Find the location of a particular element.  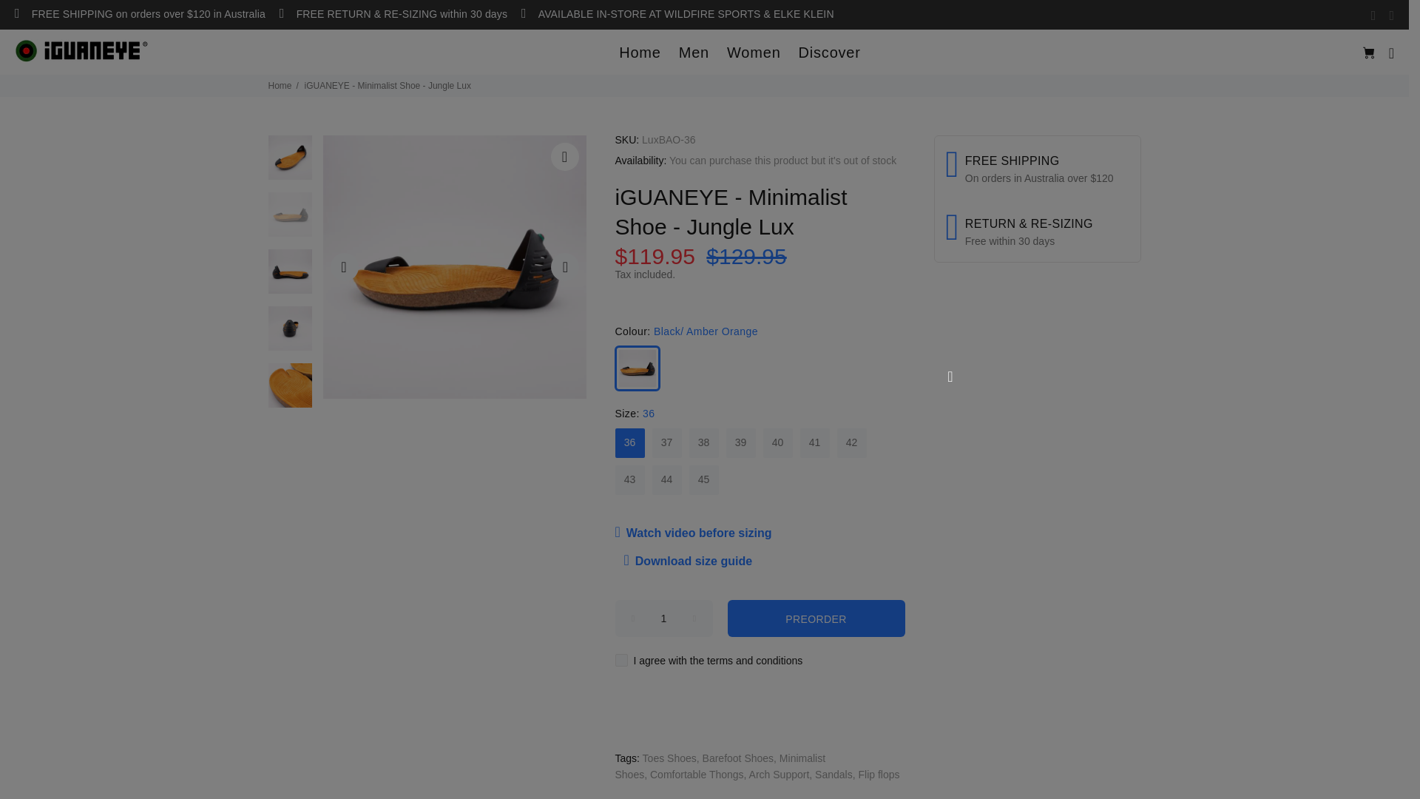

'37' is located at coordinates (666, 442).